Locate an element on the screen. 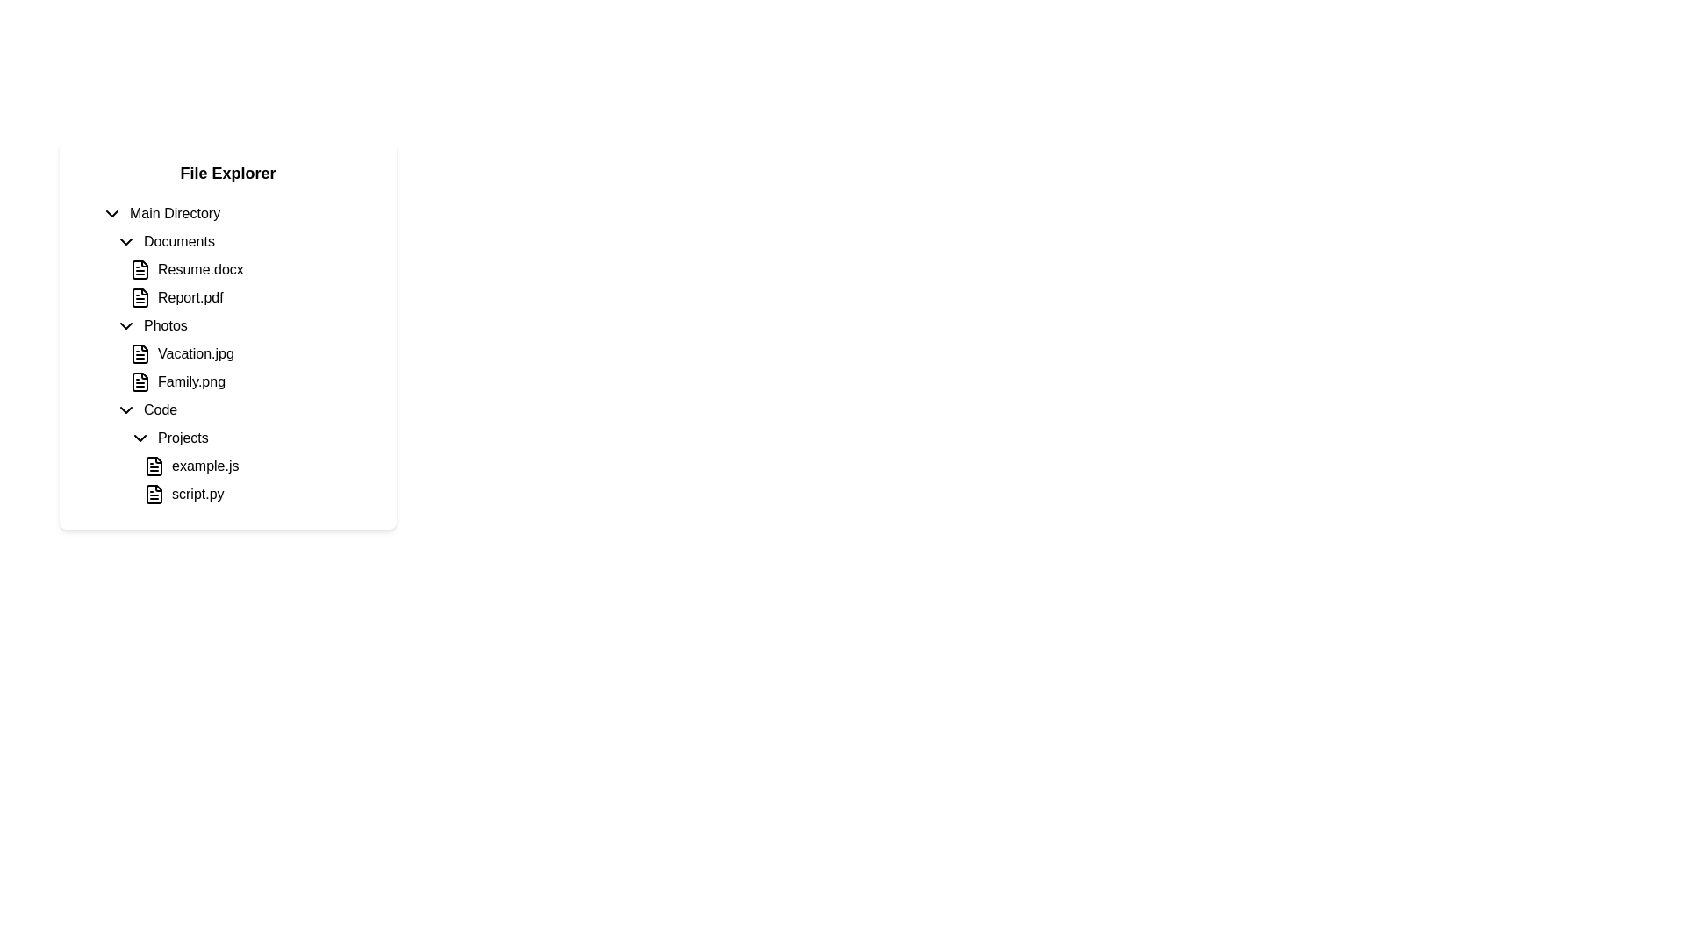 This screenshot has width=1685, height=947. the file entry labeled 'example.js' is located at coordinates (255, 466).